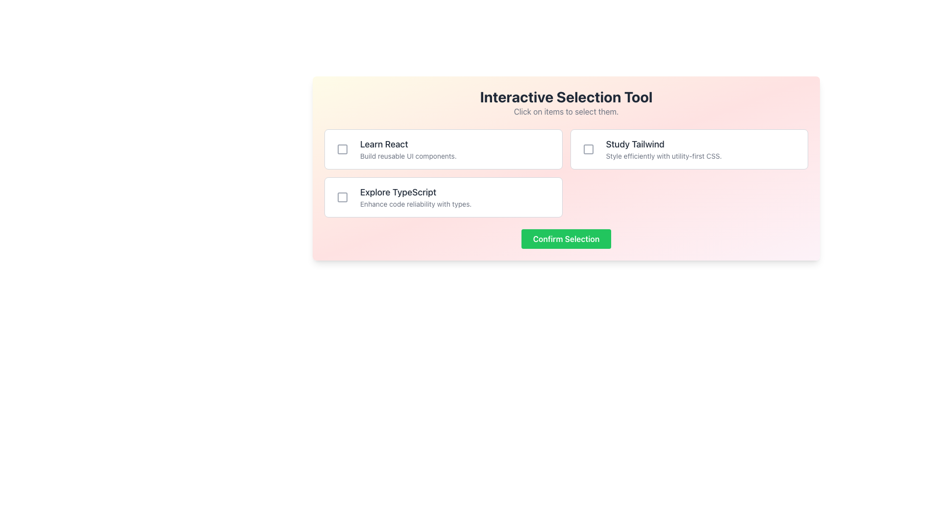 This screenshot has width=941, height=529. Describe the element at coordinates (408, 156) in the screenshot. I see `the static text element that reads 'Build reusable UI components.' which is styled in a smaller, gray font and positioned beneath the bolded title 'Learn React'` at that location.